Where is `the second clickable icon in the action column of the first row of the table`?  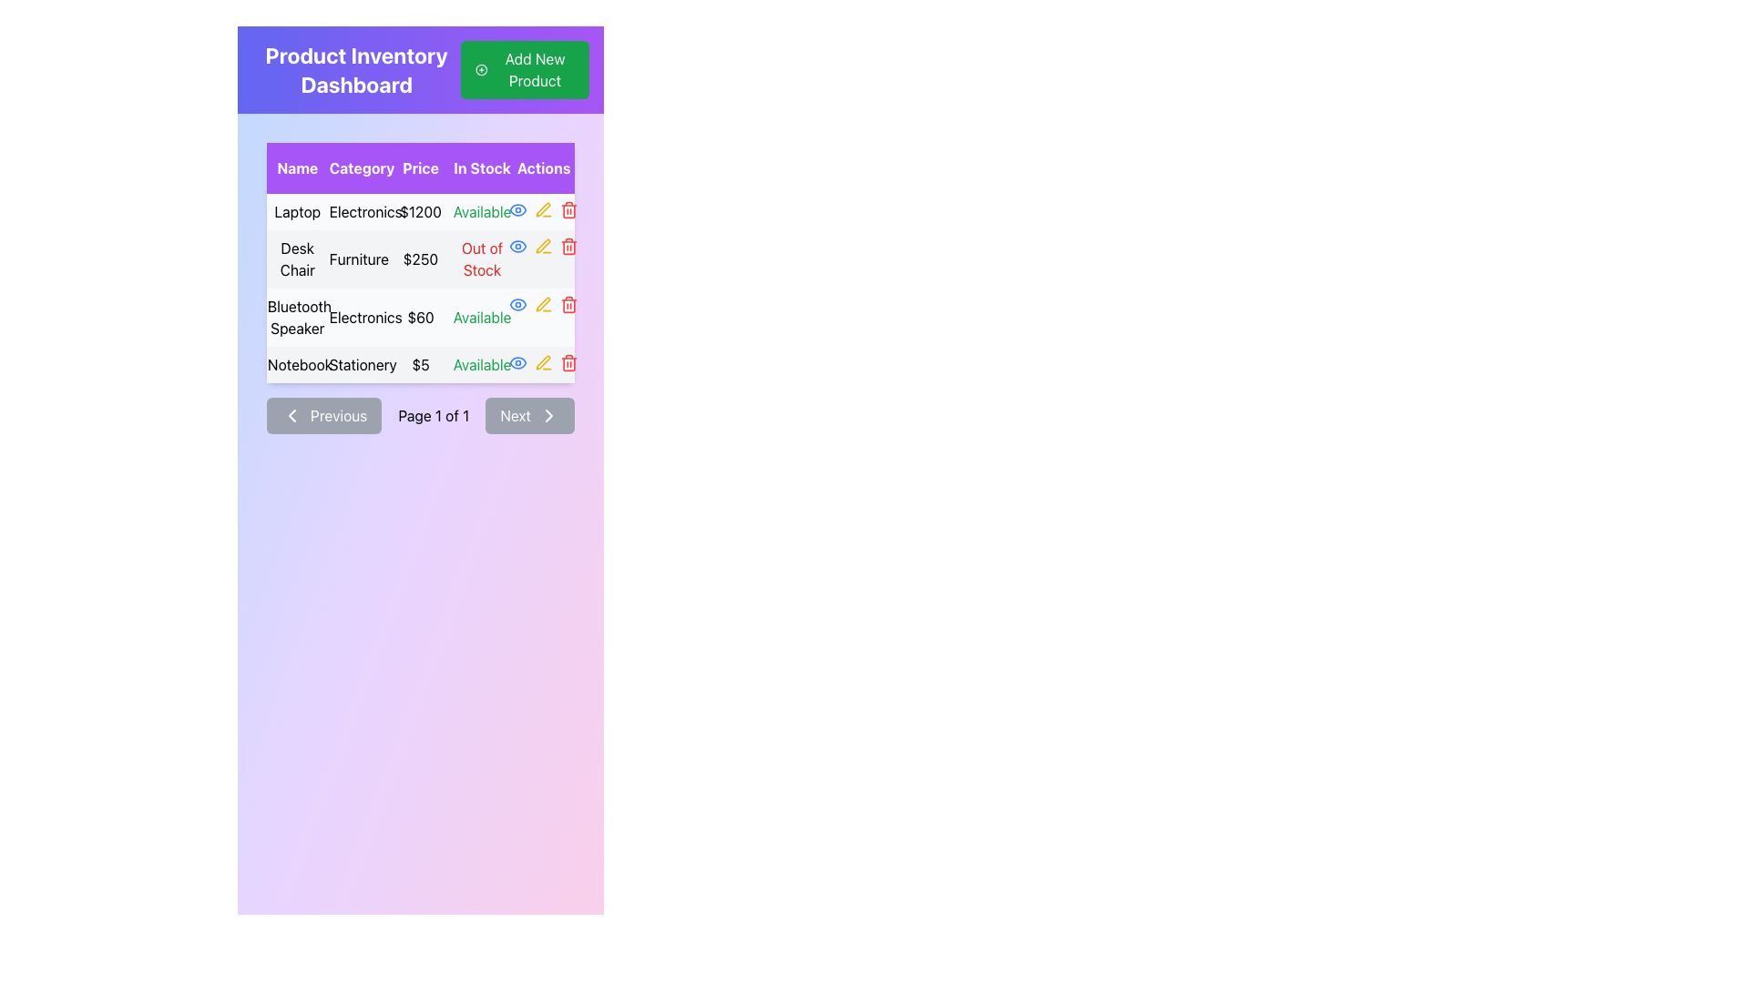 the second clickable icon in the action column of the first row of the table is located at coordinates (543, 209).